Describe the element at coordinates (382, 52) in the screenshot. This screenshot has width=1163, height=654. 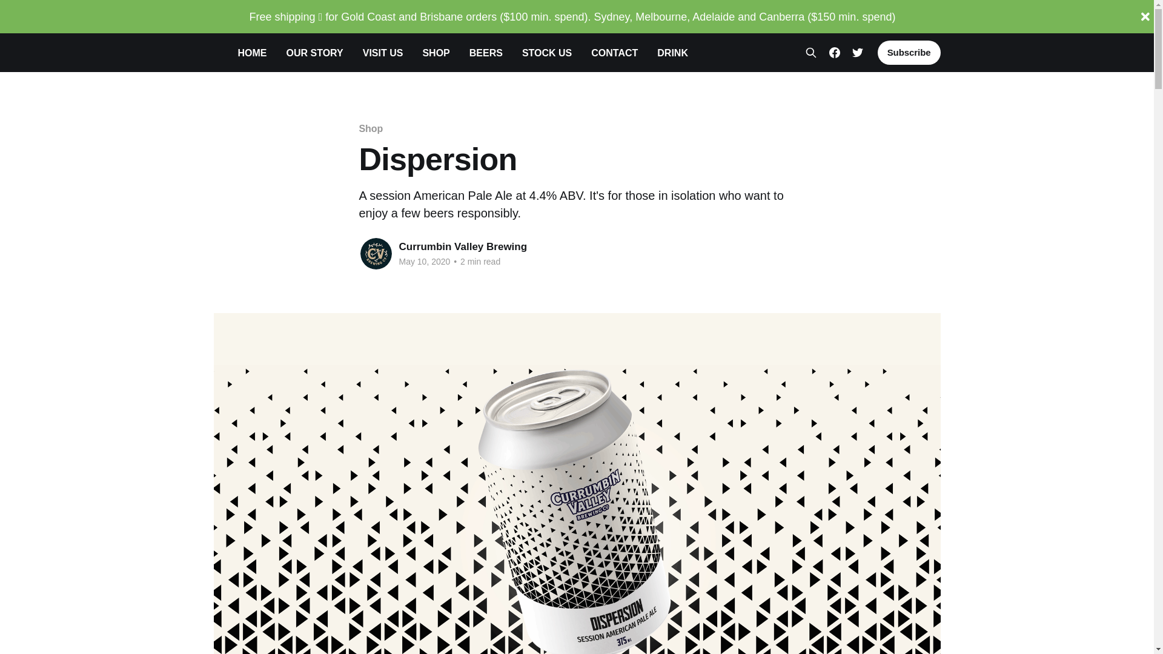
I see `'VISIT US'` at that location.